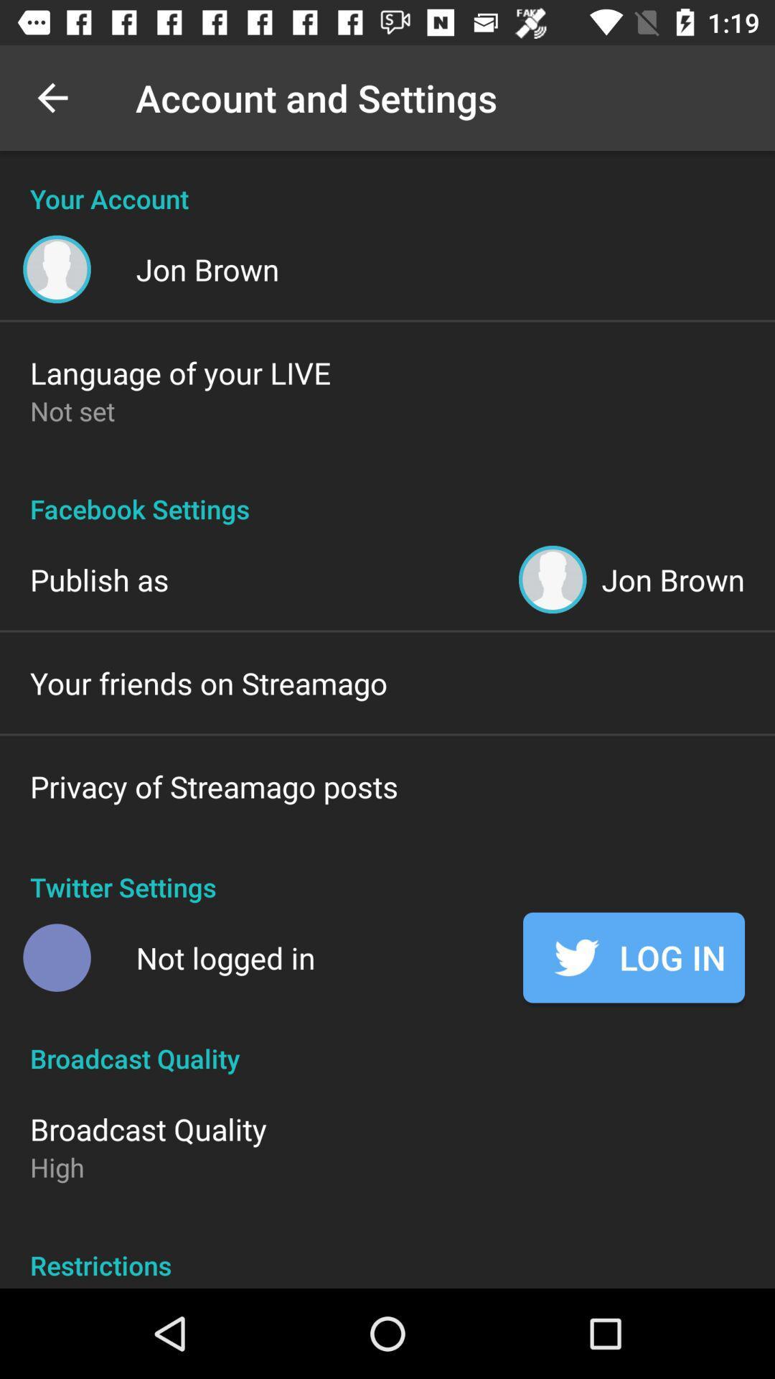 This screenshot has width=775, height=1379. Describe the element at coordinates (225, 957) in the screenshot. I see `item below twitter settings item` at that location.